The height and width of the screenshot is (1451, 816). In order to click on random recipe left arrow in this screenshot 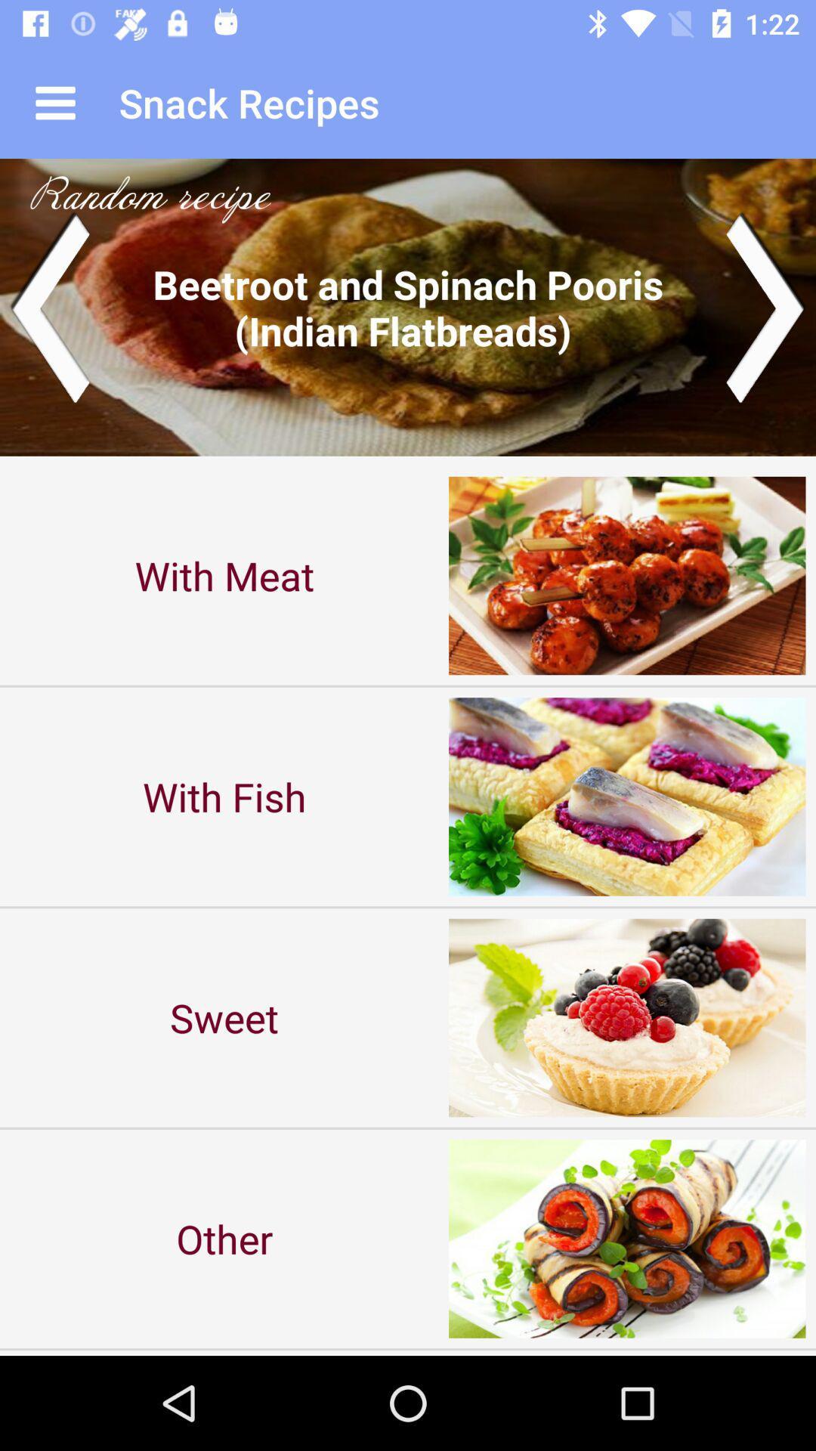, I will do `click(48, 306)`.